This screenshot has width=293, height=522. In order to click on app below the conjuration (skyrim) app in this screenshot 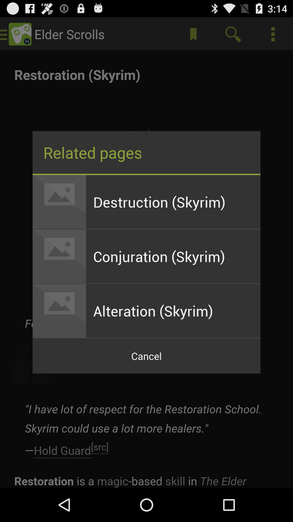, I will do `click(173, 311)`.